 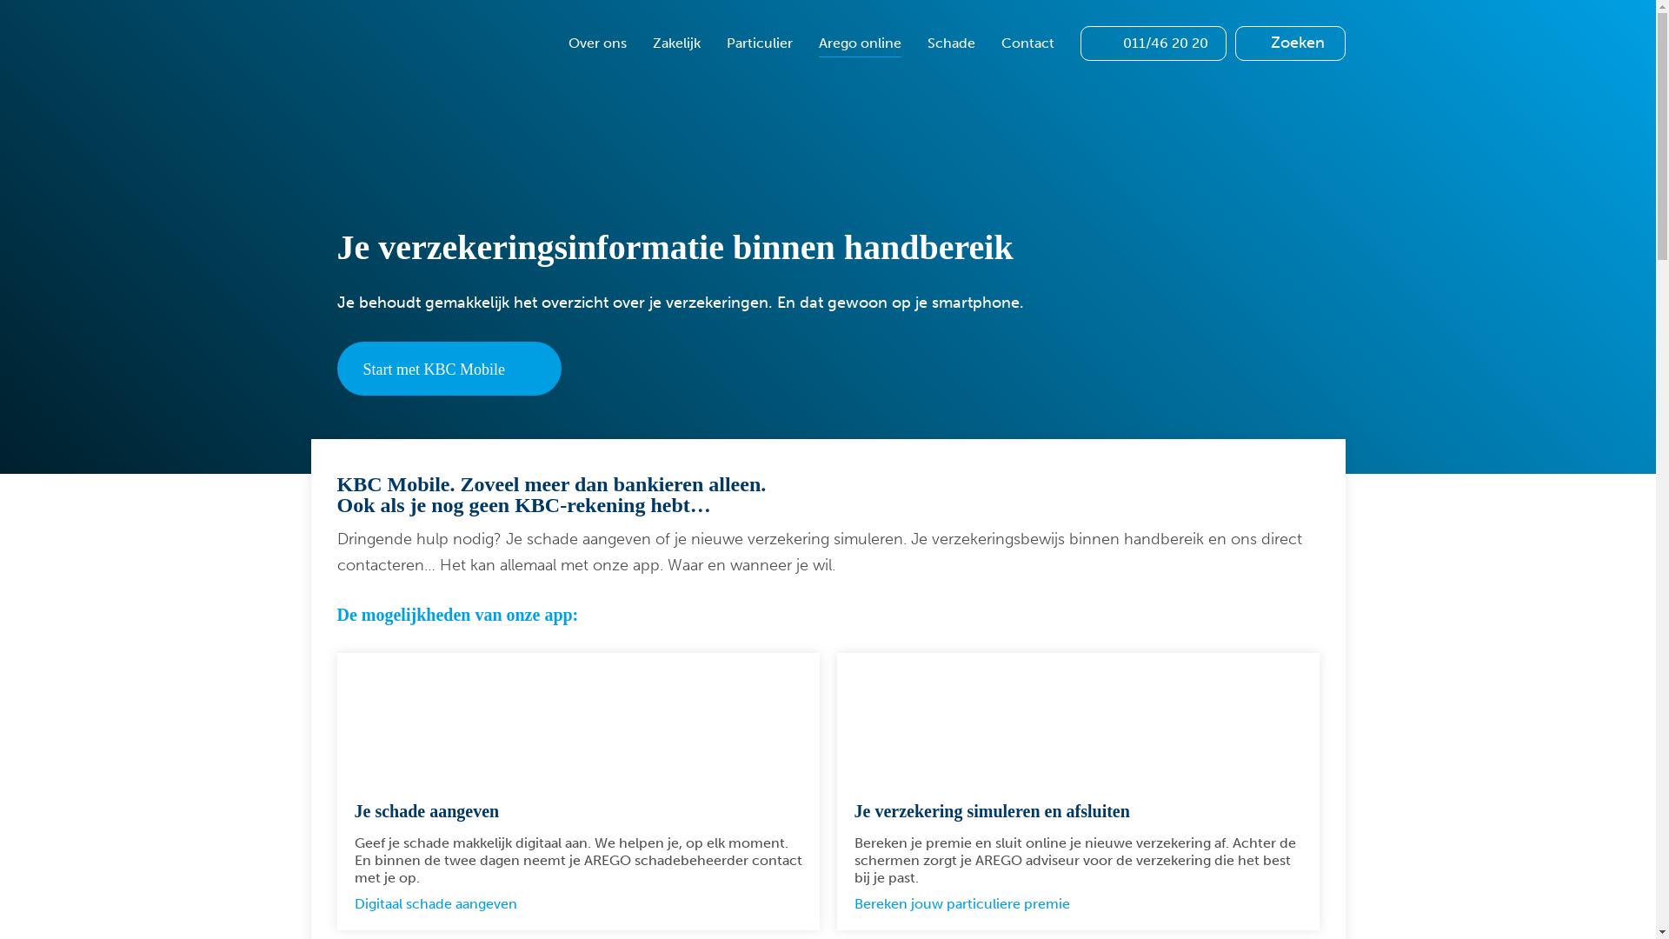 What do you see at coordinates (1079, 43) in the screenshot?
I see `'011/46 20 20'` at bounding box center [1079, 43].